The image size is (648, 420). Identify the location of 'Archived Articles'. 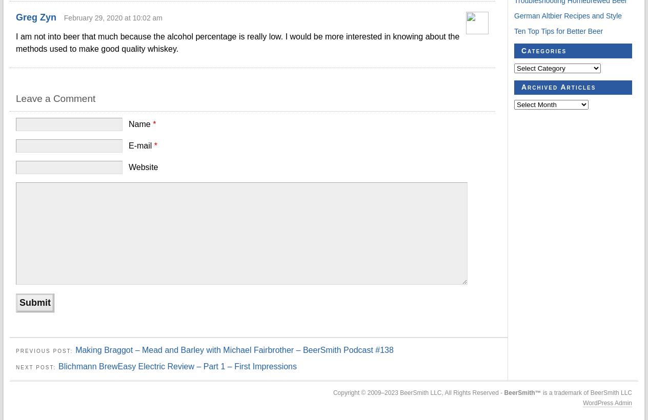
(521, 87).